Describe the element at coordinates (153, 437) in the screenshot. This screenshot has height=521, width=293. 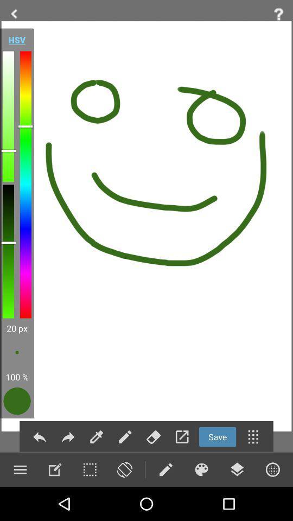
I see `eraser tool` at that location.